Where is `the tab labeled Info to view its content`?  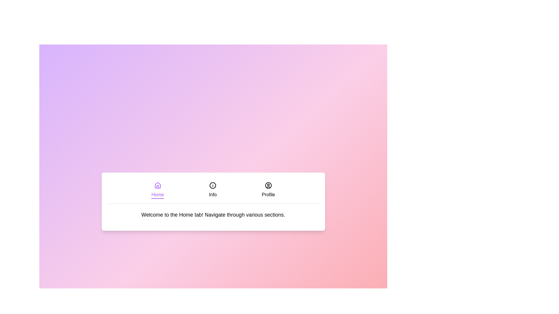 the tab labeled Info to view its content is located at coordinates (213, 190).